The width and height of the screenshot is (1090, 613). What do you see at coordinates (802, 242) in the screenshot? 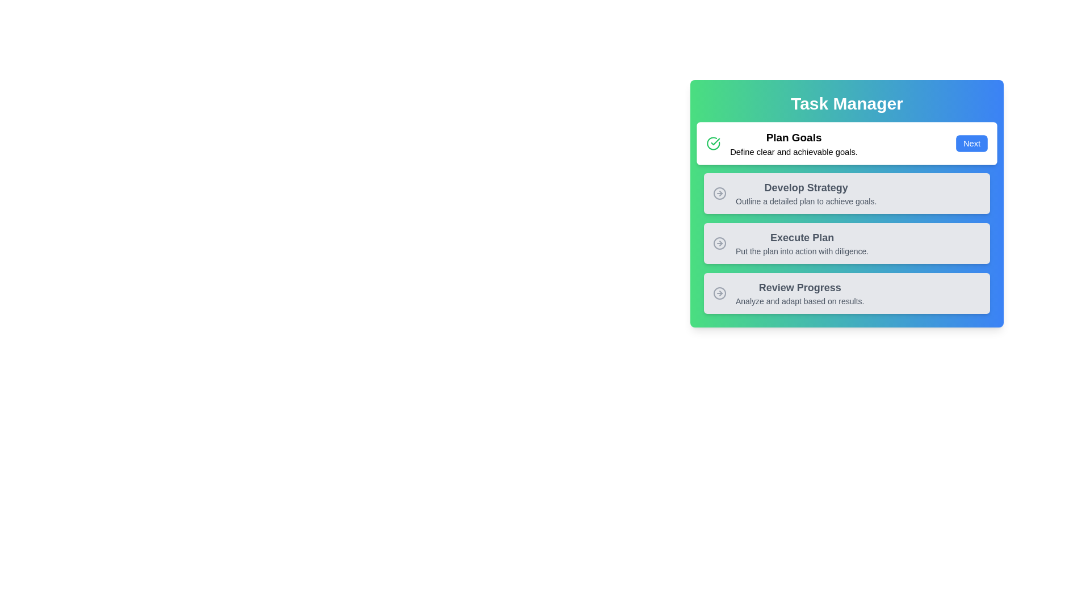
I see `text content of the 'Execute Plan' label, which is prominently displayed in bold and larger font, with a secondary line stating 'Put the plan into action with diligence.' This text label is located in the middle of the task list in the 'Task Manager' interface` at bounding box center [802, 242].